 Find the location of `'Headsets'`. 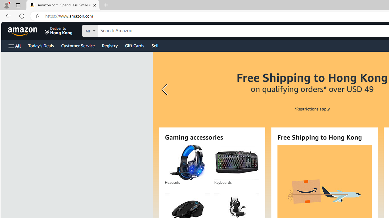

'Headsets' is located at coordinates (187, 162).